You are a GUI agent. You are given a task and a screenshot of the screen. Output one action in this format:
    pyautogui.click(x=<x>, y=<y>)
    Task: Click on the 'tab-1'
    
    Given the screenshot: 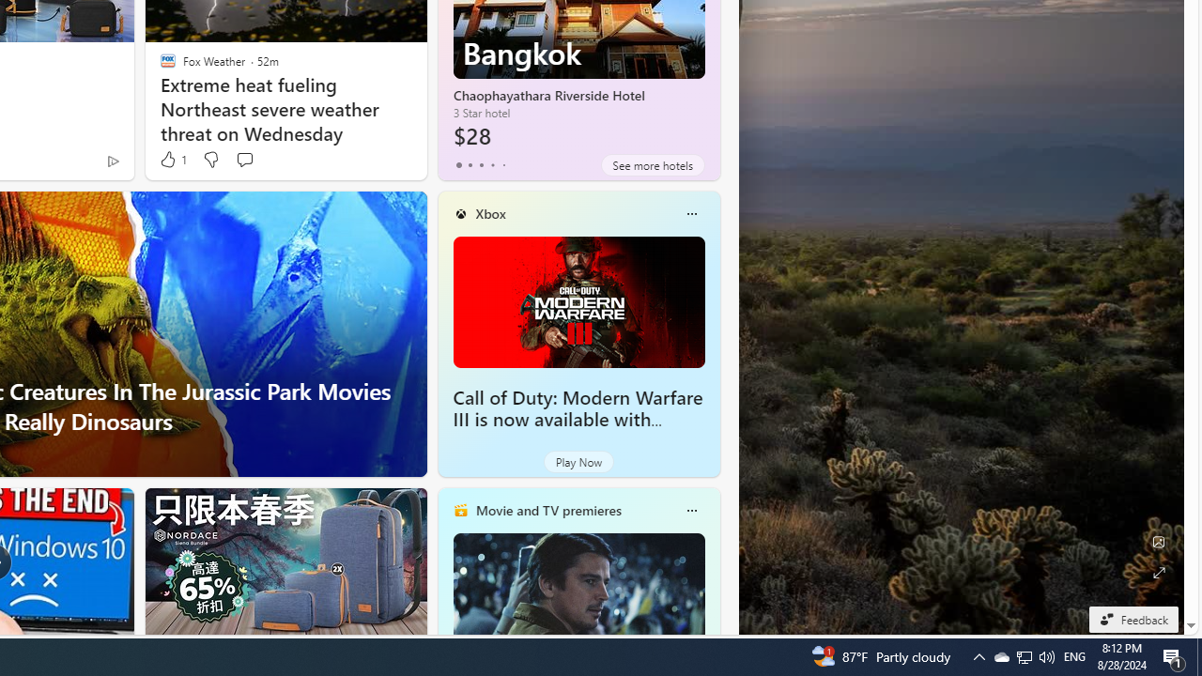 What is the action you would take?
    pyautogui.click(x=470, y=164)
    